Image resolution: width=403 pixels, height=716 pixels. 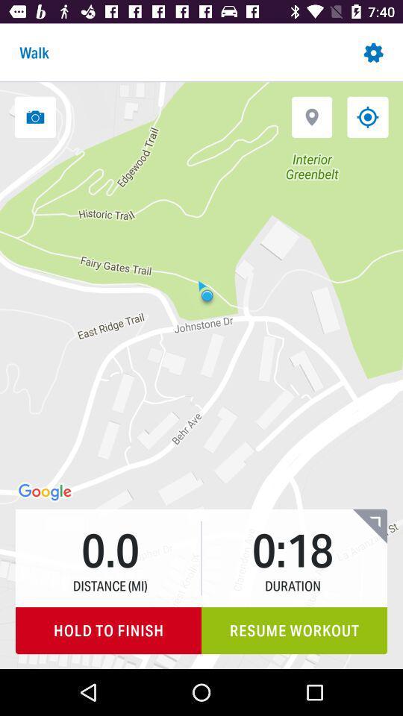 What do you see at coordinates (35, 116) in the screenshot?
I see `the icon at the top left corner` at bounding box center [35, 116].